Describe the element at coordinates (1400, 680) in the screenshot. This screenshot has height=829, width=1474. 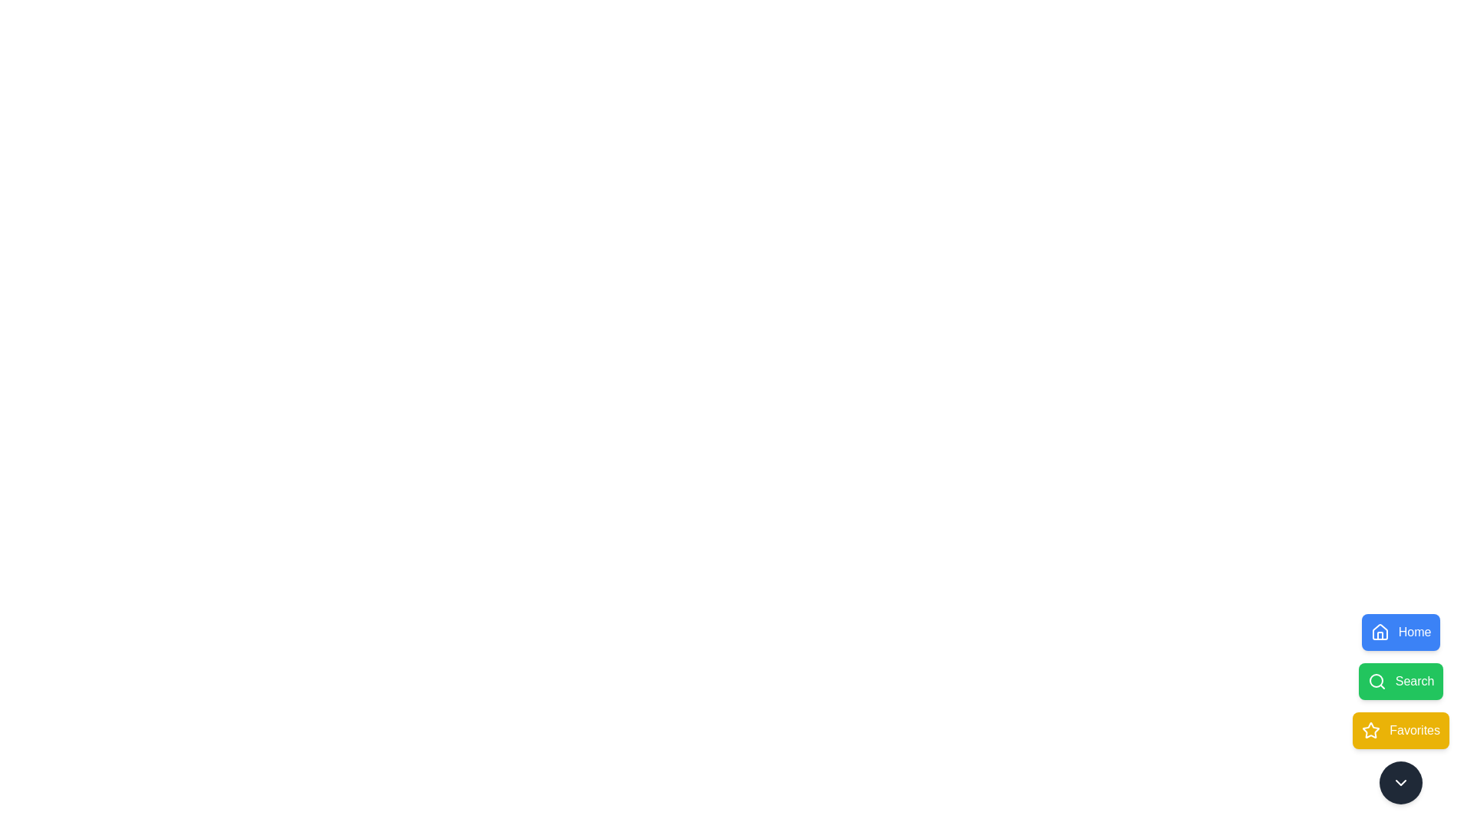
I see `the Search button to select the corresponding shortcut` at that location.